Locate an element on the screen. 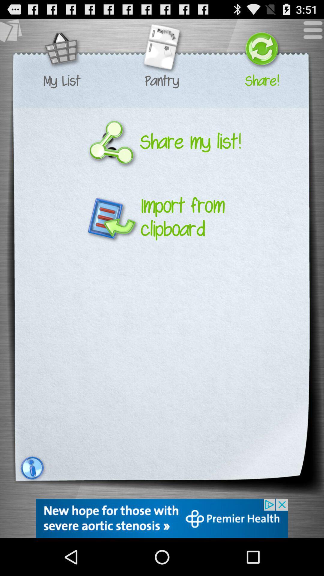 The height and width of the screenshot is (576, 324). paste option is located at coordinates (14, 33).